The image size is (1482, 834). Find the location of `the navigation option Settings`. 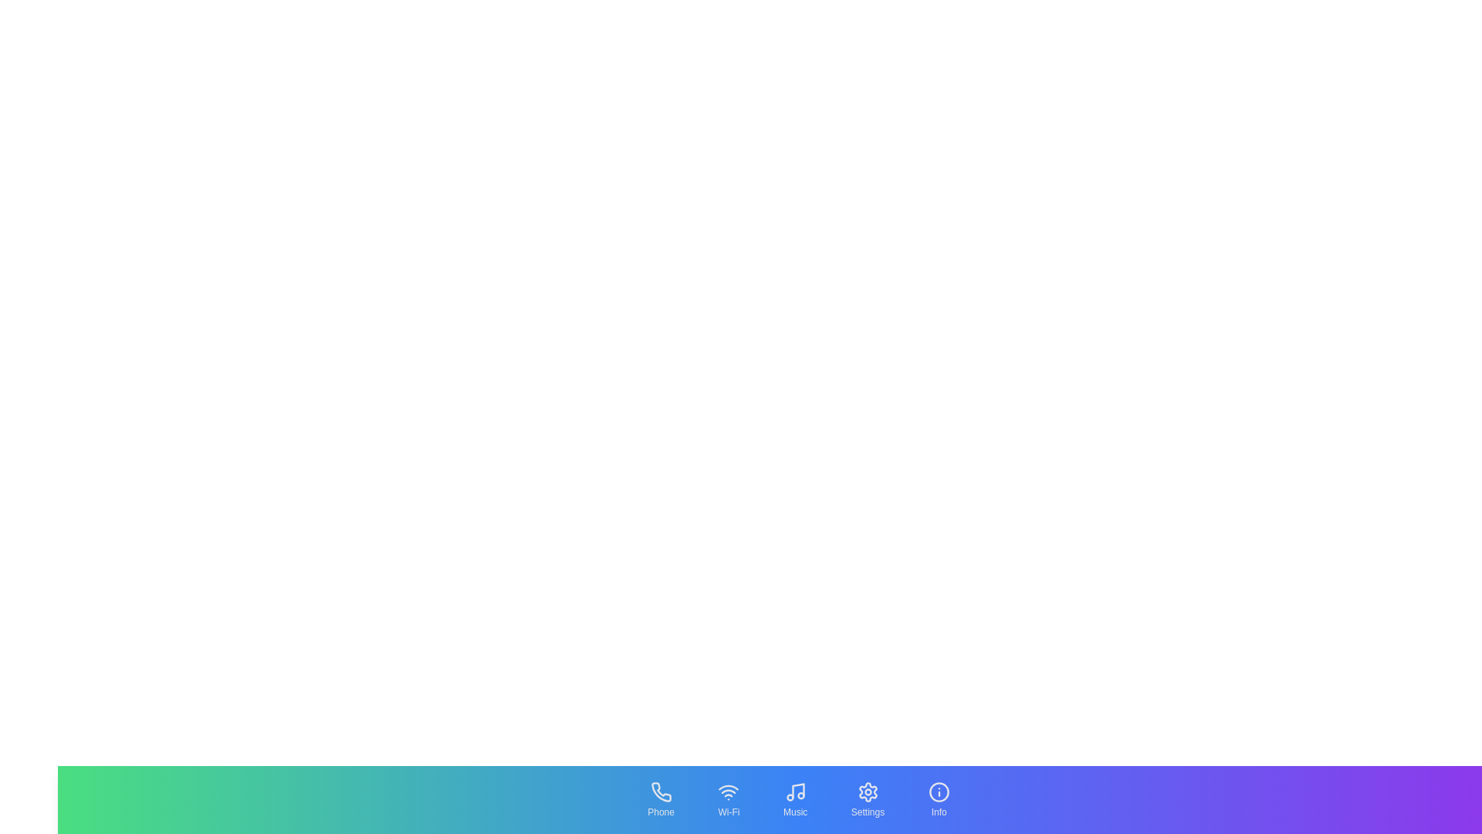

the navigation option Settings is located at coordinates (867, 799).